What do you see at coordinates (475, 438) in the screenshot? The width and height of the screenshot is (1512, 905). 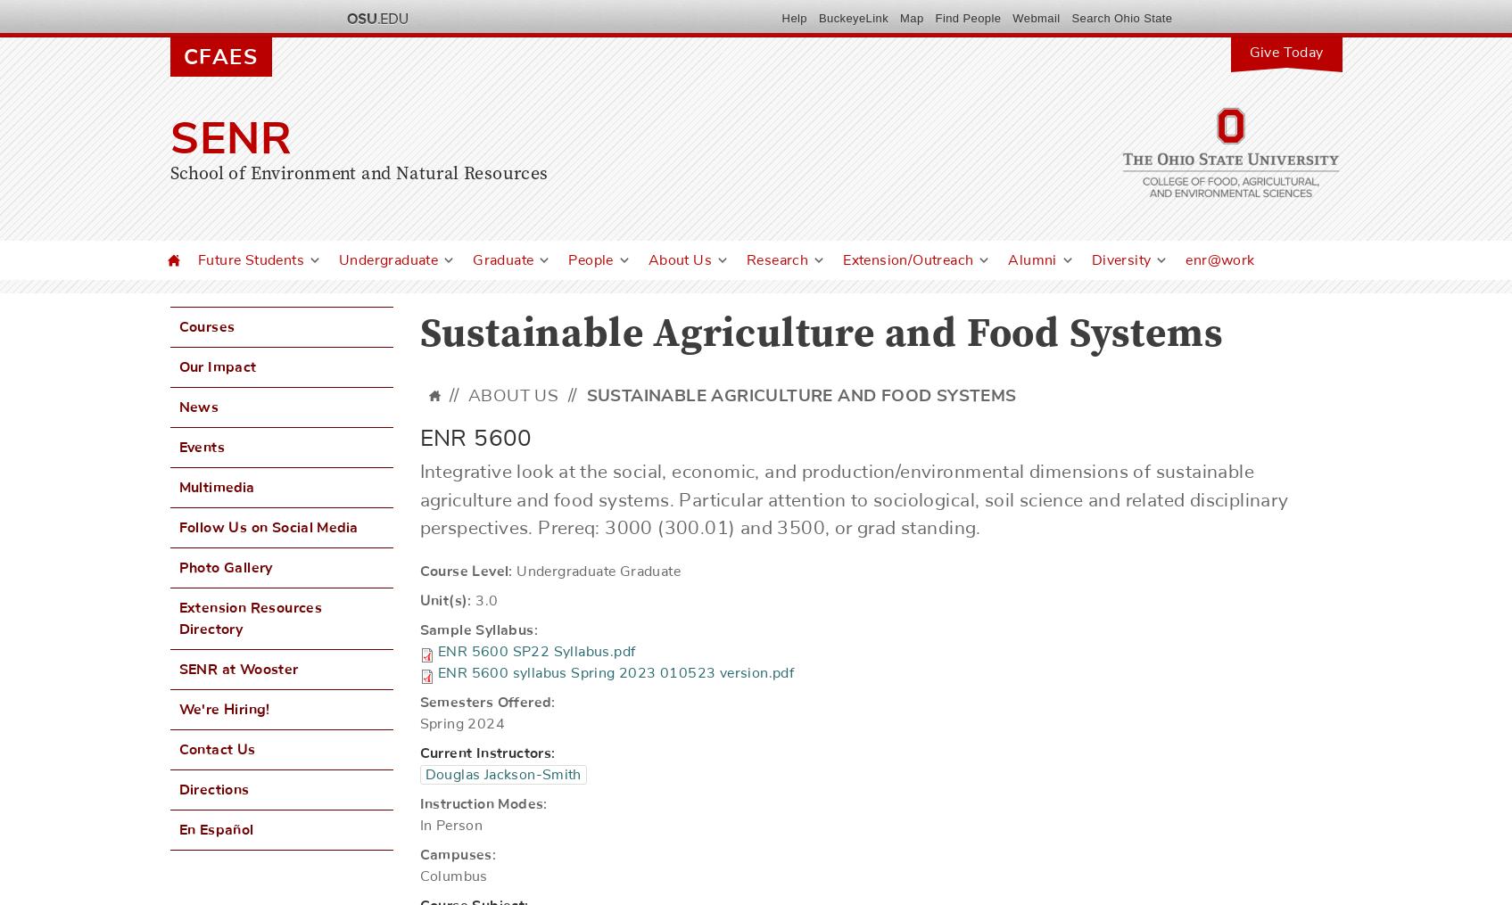 I see `'ENR 5600'` at bounding box center [475, 438].